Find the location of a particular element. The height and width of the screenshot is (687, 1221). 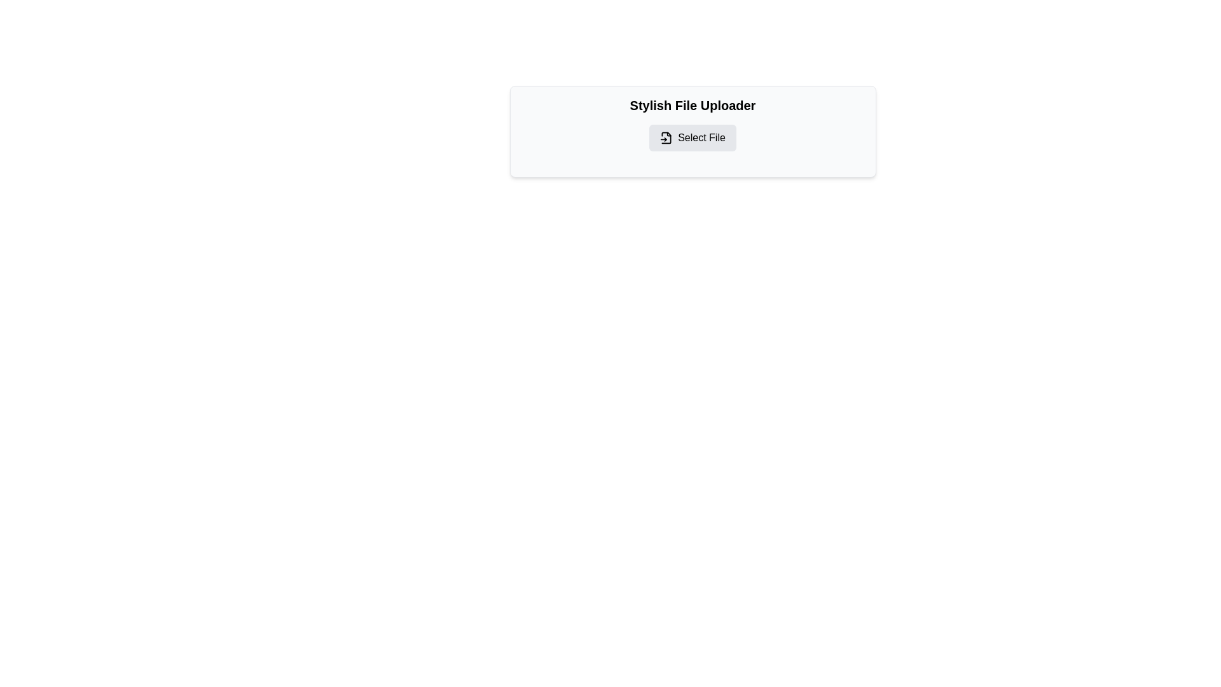

the file selection icon located within the 'Select File' button, which is slightly to the left of the button text is located at coordinates (666, 137).